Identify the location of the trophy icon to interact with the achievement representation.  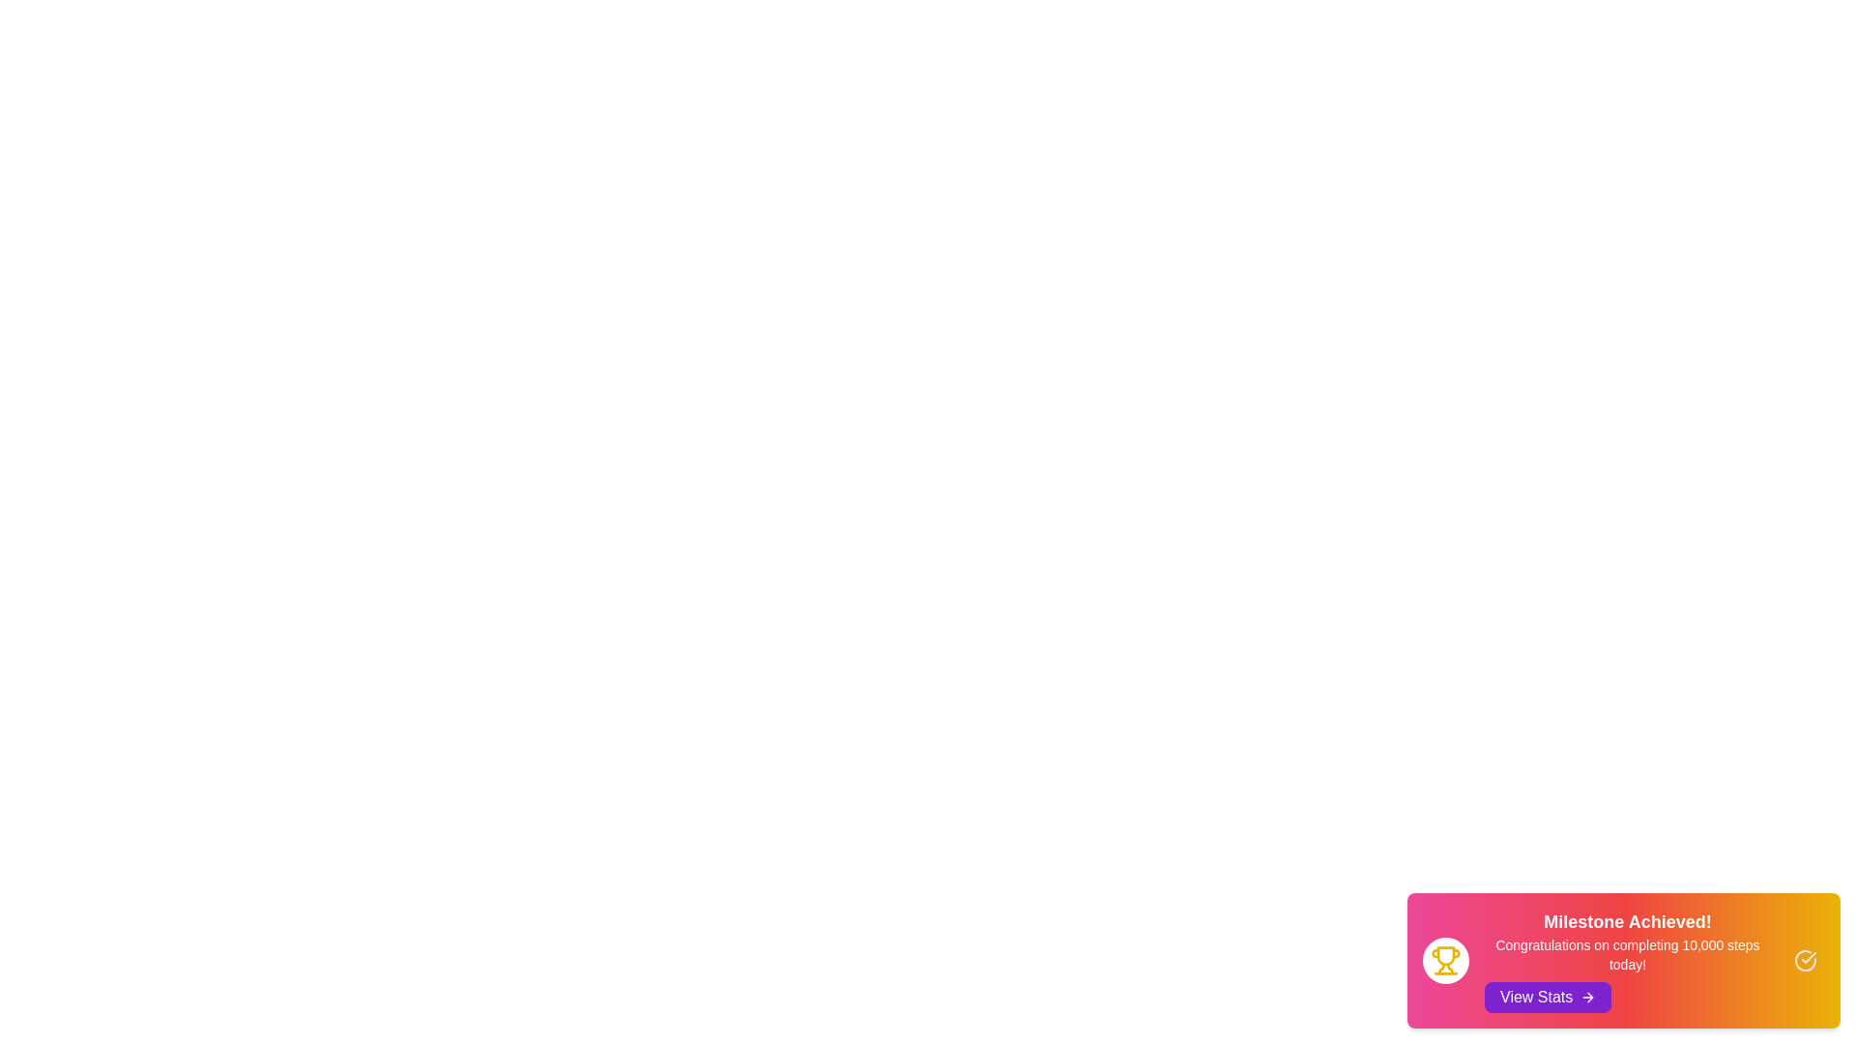
(1446, 961).